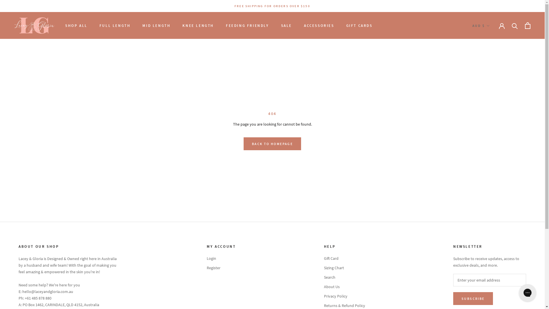 This screenshot has width=549, height=309. Describe the element at coordinates (481, 25) in the screenshot. I see `'AUD $'` at that location.